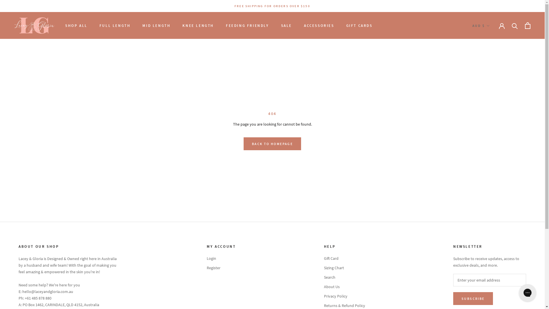 This screenshot has width=549, height=309. Describe the element at coordinates (481, 25) in the screenshot. I see `'AUD $'` at that location.